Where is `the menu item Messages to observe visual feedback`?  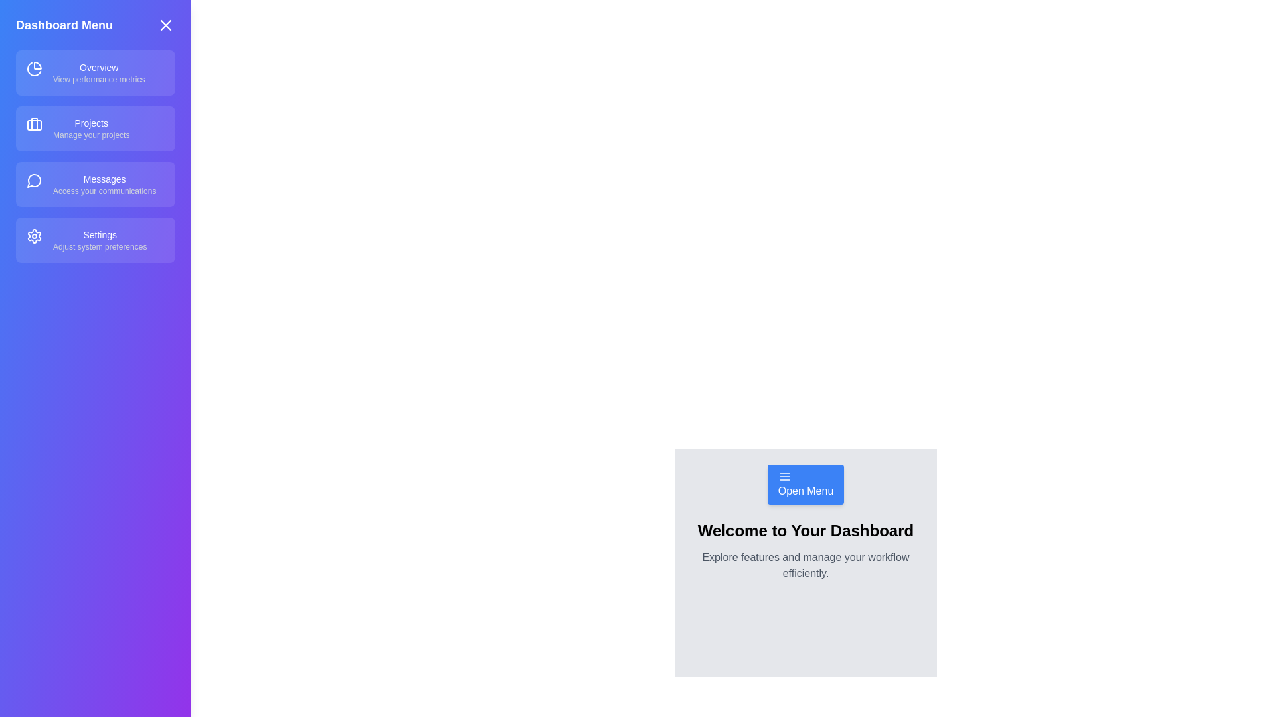
the menu item Messages to observe visual feedback is located at coordinates (95, 184).